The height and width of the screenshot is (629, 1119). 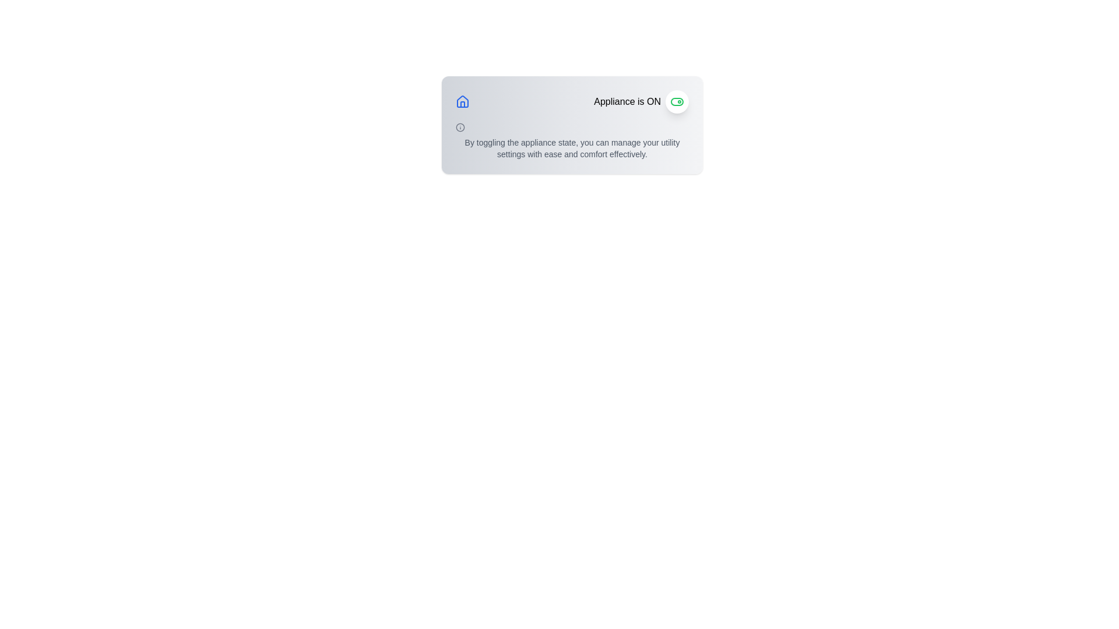 What do you see at coordinates (572, 141) in the screenshot?
I see `the explanatory text that reads: 'By toggling the appliance state, you can manage your utility settings with ease and comfort effectively.' This text is styled in a small, gray font and is positioned within a gray box below the title 'Appliance is ON' and a toggle button` at bounding box center [572, 141].